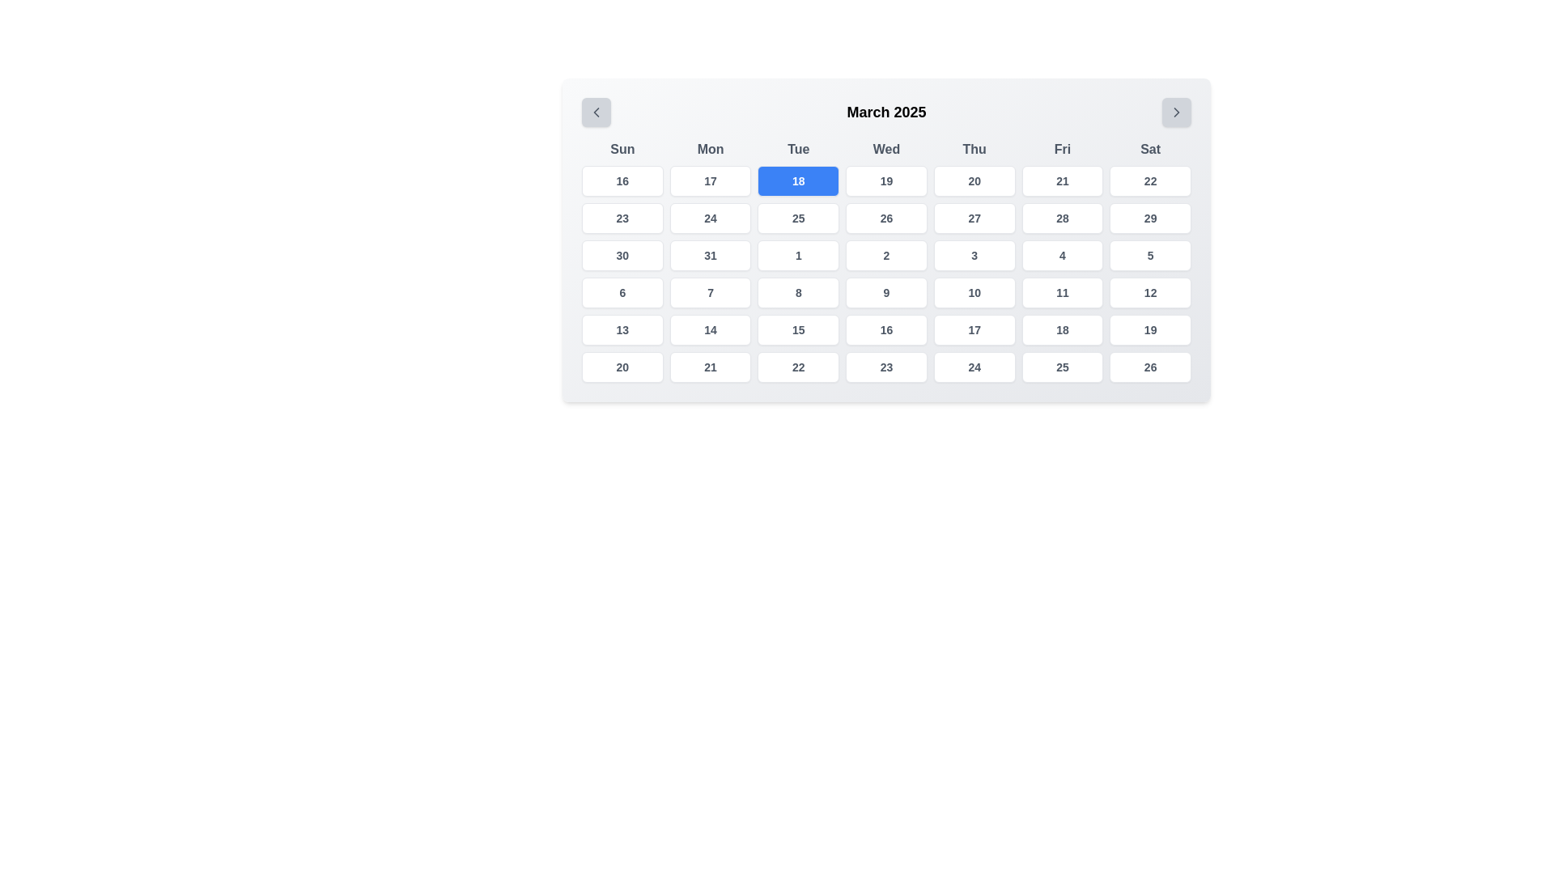 Image resolution: width=1554 pixels, height=874 pixels. I want to click on the rectangular button labeled '11' located, so click(1062, 293).